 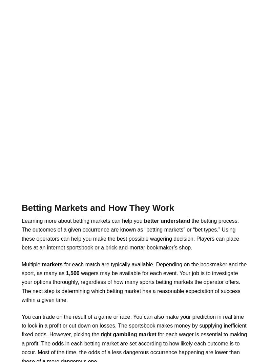 I want to click on 'gambling market', so click(x=112, y=334).